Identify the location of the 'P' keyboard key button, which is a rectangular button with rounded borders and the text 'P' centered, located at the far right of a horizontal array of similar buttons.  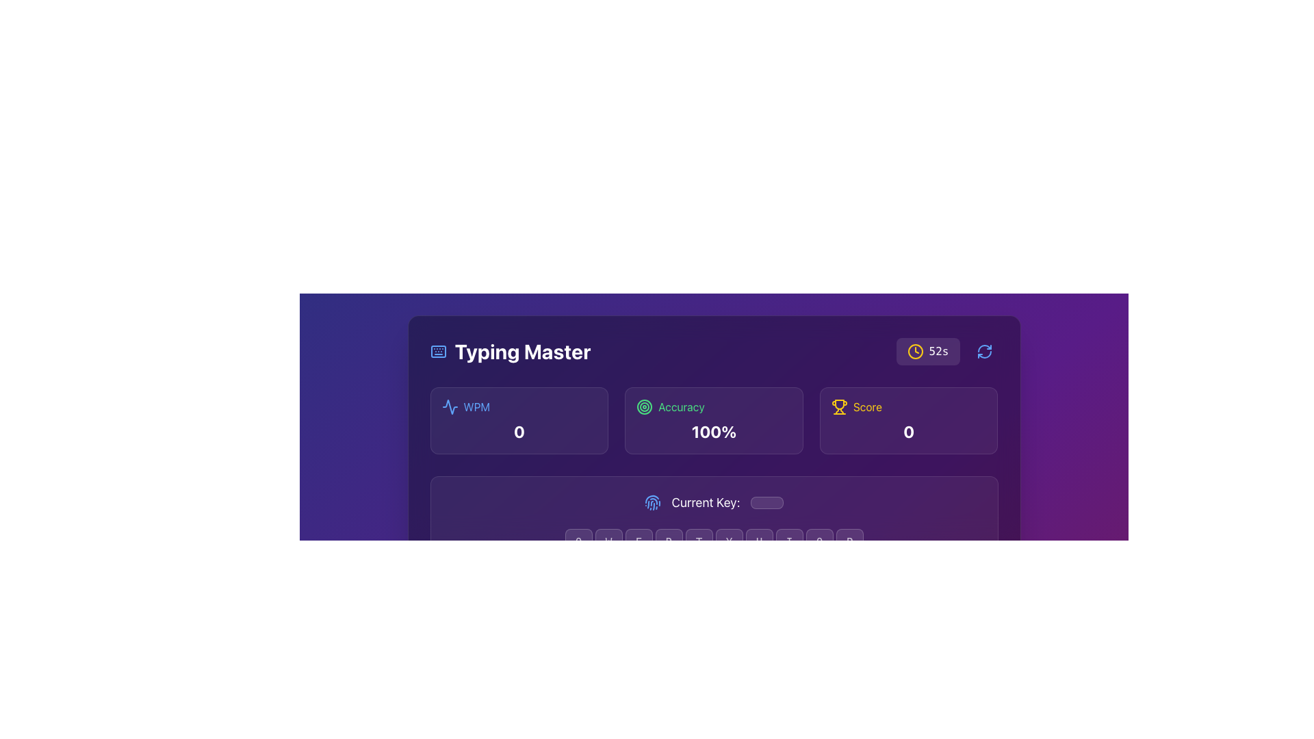
(849, 542).